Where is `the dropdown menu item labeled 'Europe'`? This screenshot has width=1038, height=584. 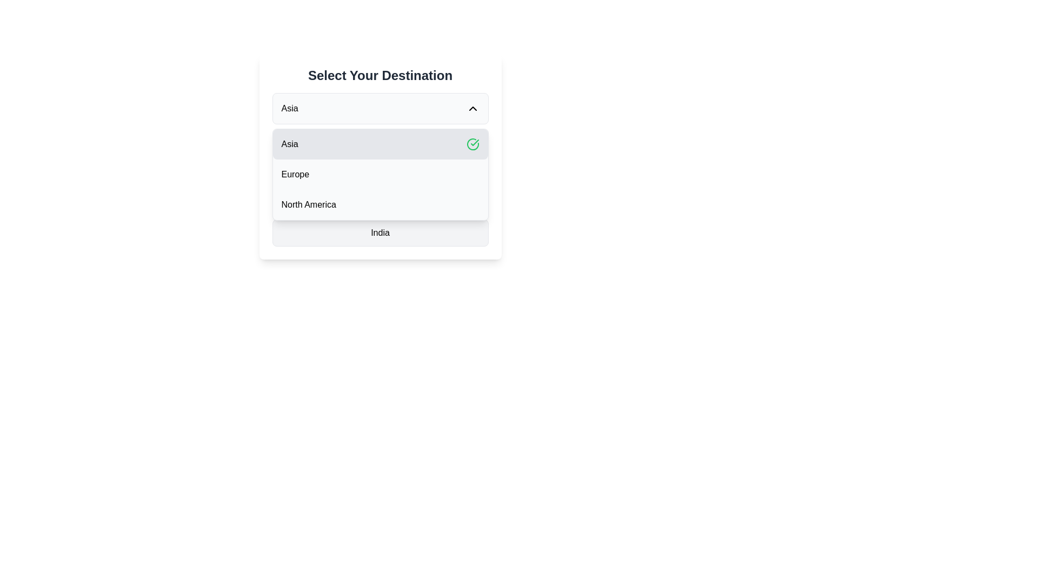 the dropdown menu item labeled 'Europe' is located at coordinates (380, 174).